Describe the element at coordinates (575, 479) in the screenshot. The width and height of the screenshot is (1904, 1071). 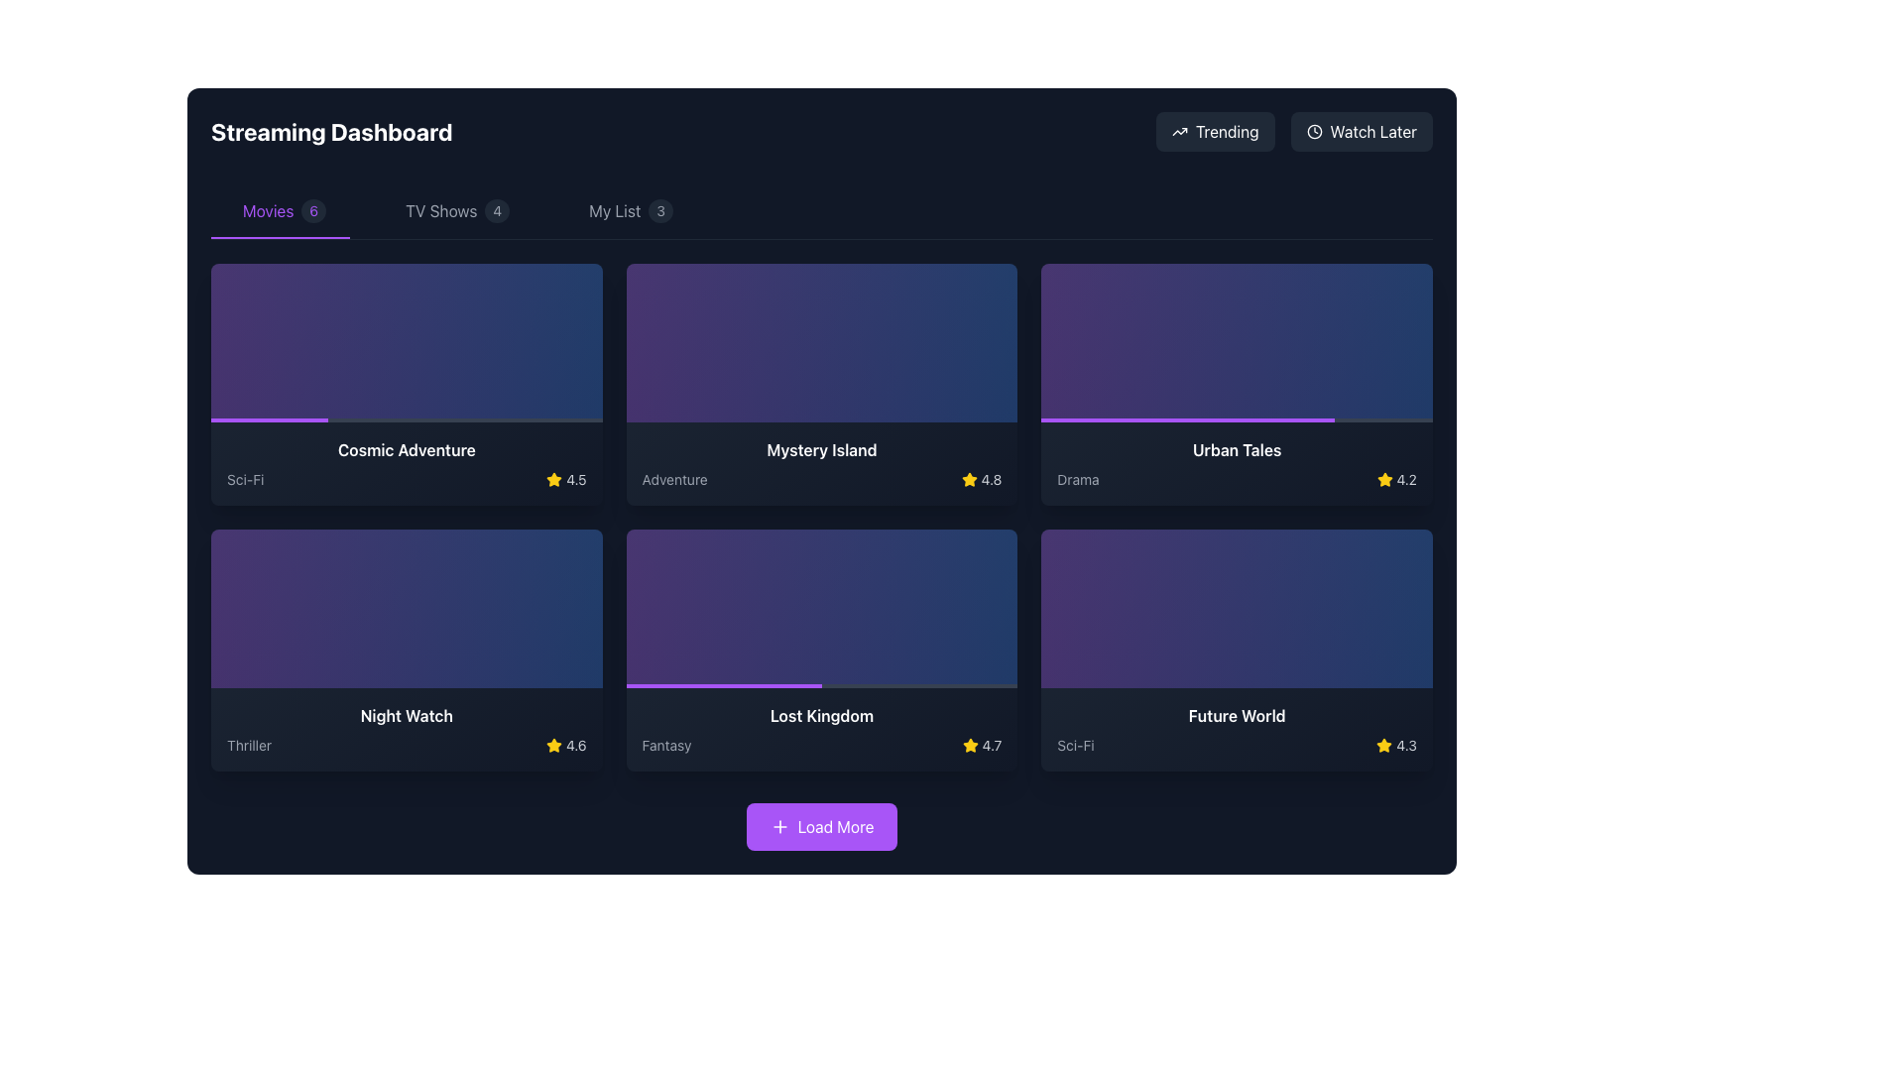
I see `the text display showing the rating '4.5' next to the yellow star icon in the Movies section below 'Cosmic Adventure'` at that location.